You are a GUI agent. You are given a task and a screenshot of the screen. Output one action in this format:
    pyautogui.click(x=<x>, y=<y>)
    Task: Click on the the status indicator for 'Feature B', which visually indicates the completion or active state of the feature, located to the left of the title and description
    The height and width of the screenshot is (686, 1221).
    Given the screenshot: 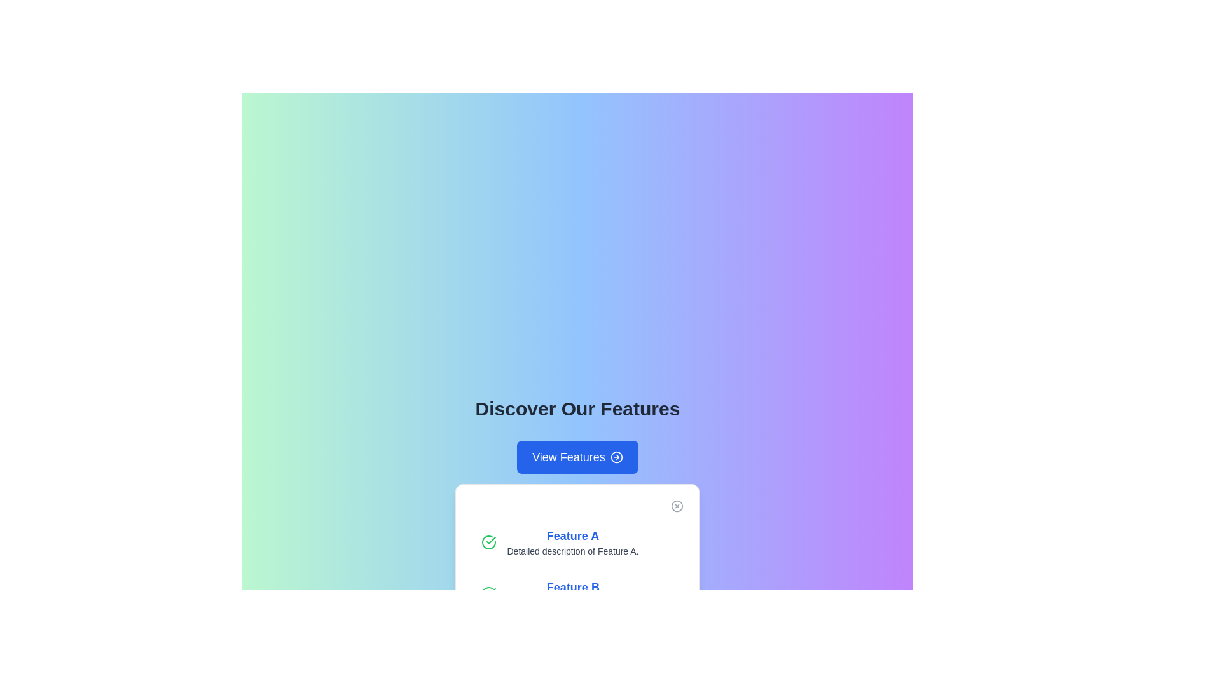 What is the action you would take?
    pyautogui.click(x=488, y=593)
    